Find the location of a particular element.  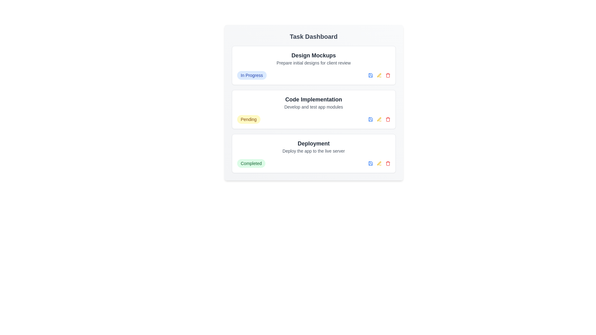

the save button for the task with title 'Code Implementation' is located at coordinates (370, 119).